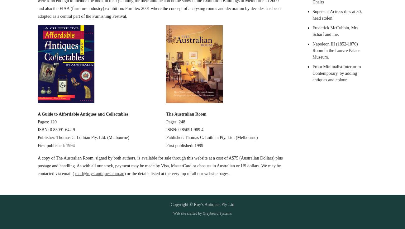 Image resolution: width=405 pixels, height=229 pixels. Describe the element at coordinates (176, 173) in the screenshot. I see `') or the details listed at the very top of all our website pages.'` at that location.